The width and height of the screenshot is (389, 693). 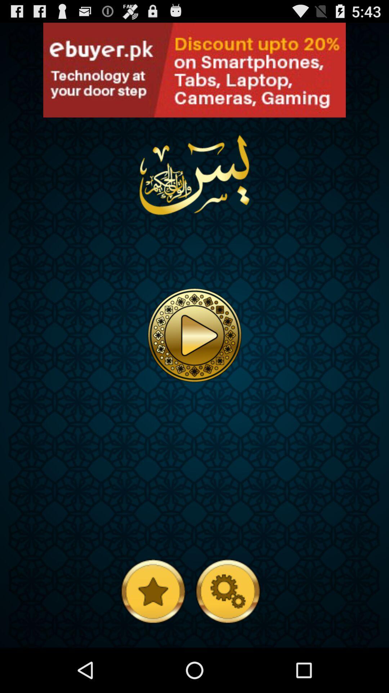 I want to click on open settings, so click(x=227, y=590).